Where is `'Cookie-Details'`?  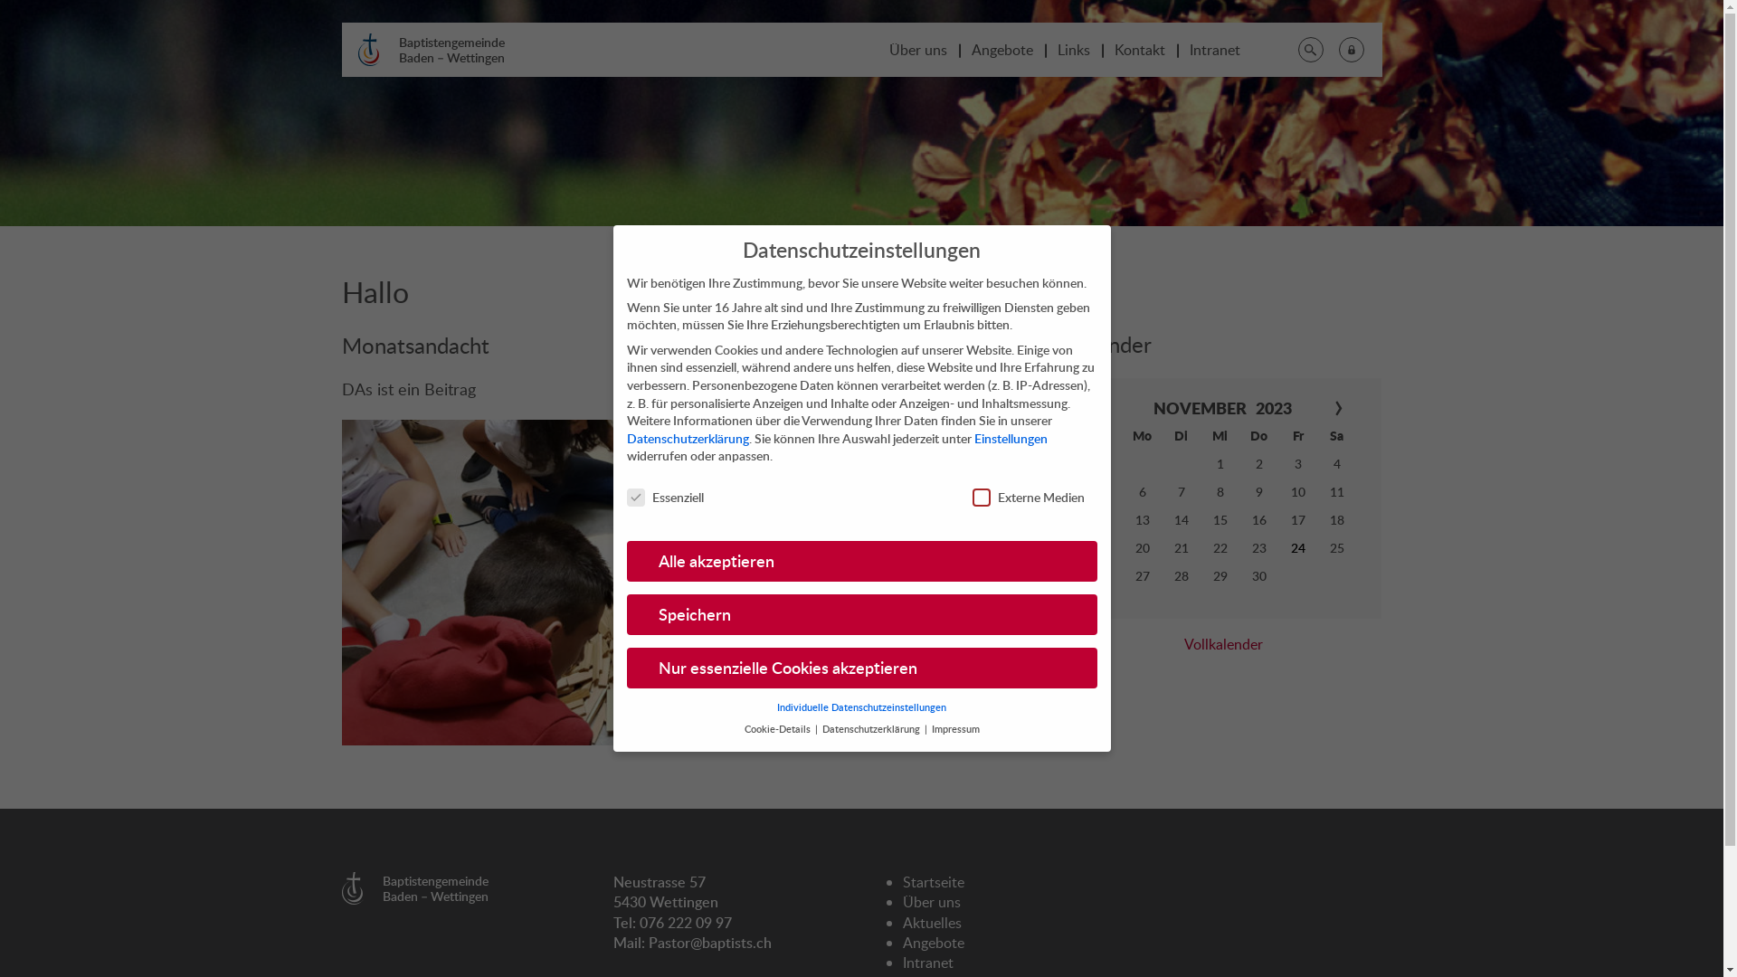 'Cookie-Details' is located at coordinates (743, 728).